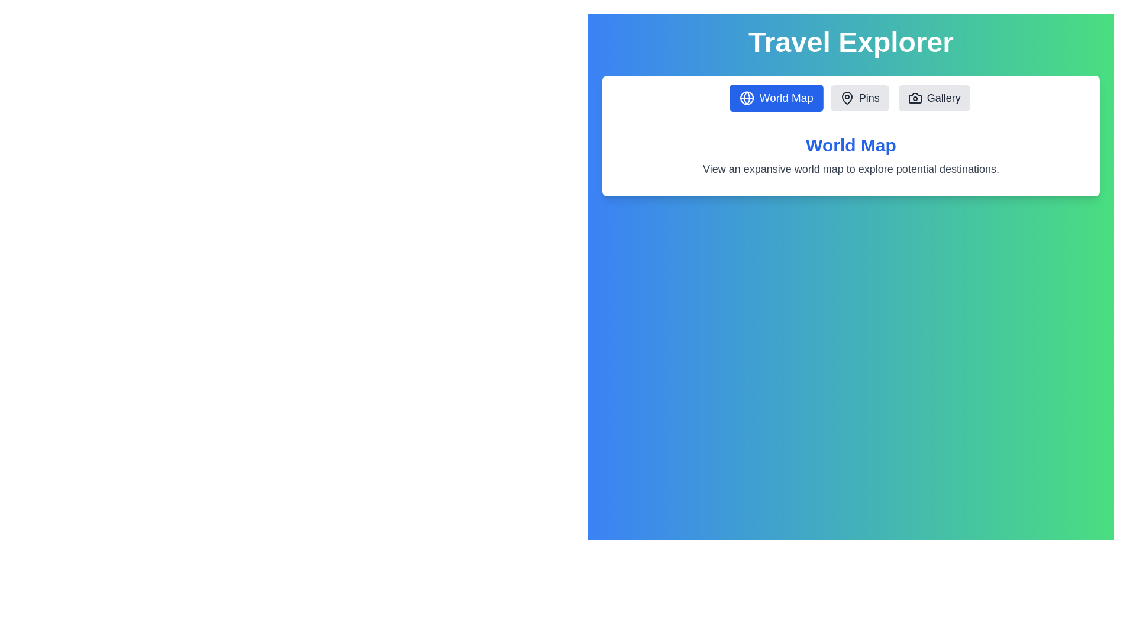 The width and height of the screenshot is (1136, 639). I want to click on the tab button labeled Pins to switch to the corresponding tab, so click(860, 97).